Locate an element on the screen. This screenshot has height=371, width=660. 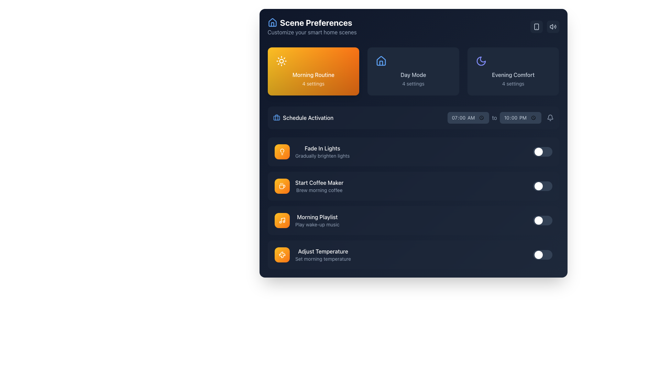
the 'Adjust Temperature' text label, which is a bold white font element with a smaller light gray description below it, located in the lower part of the panel under 'Schedule Activation' is located at coordinates (322, 255).